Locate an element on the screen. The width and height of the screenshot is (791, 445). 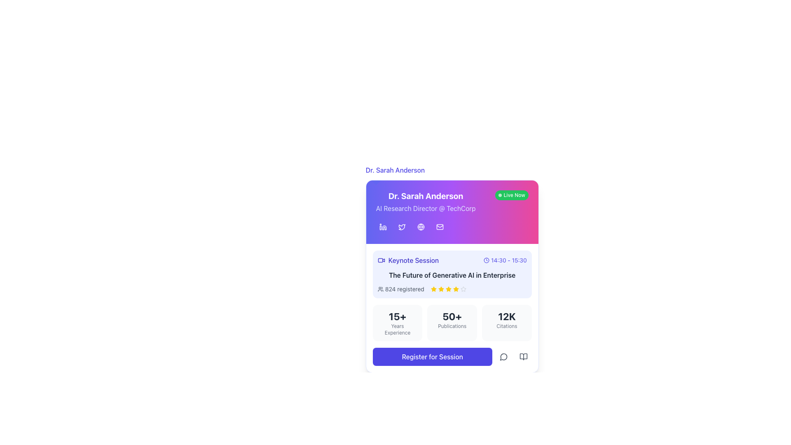
the email icon located within the vibrant panel featuring 'Dr. Sarah Anderson' and 'Live Now' badge is located at coordinates (452, 212).